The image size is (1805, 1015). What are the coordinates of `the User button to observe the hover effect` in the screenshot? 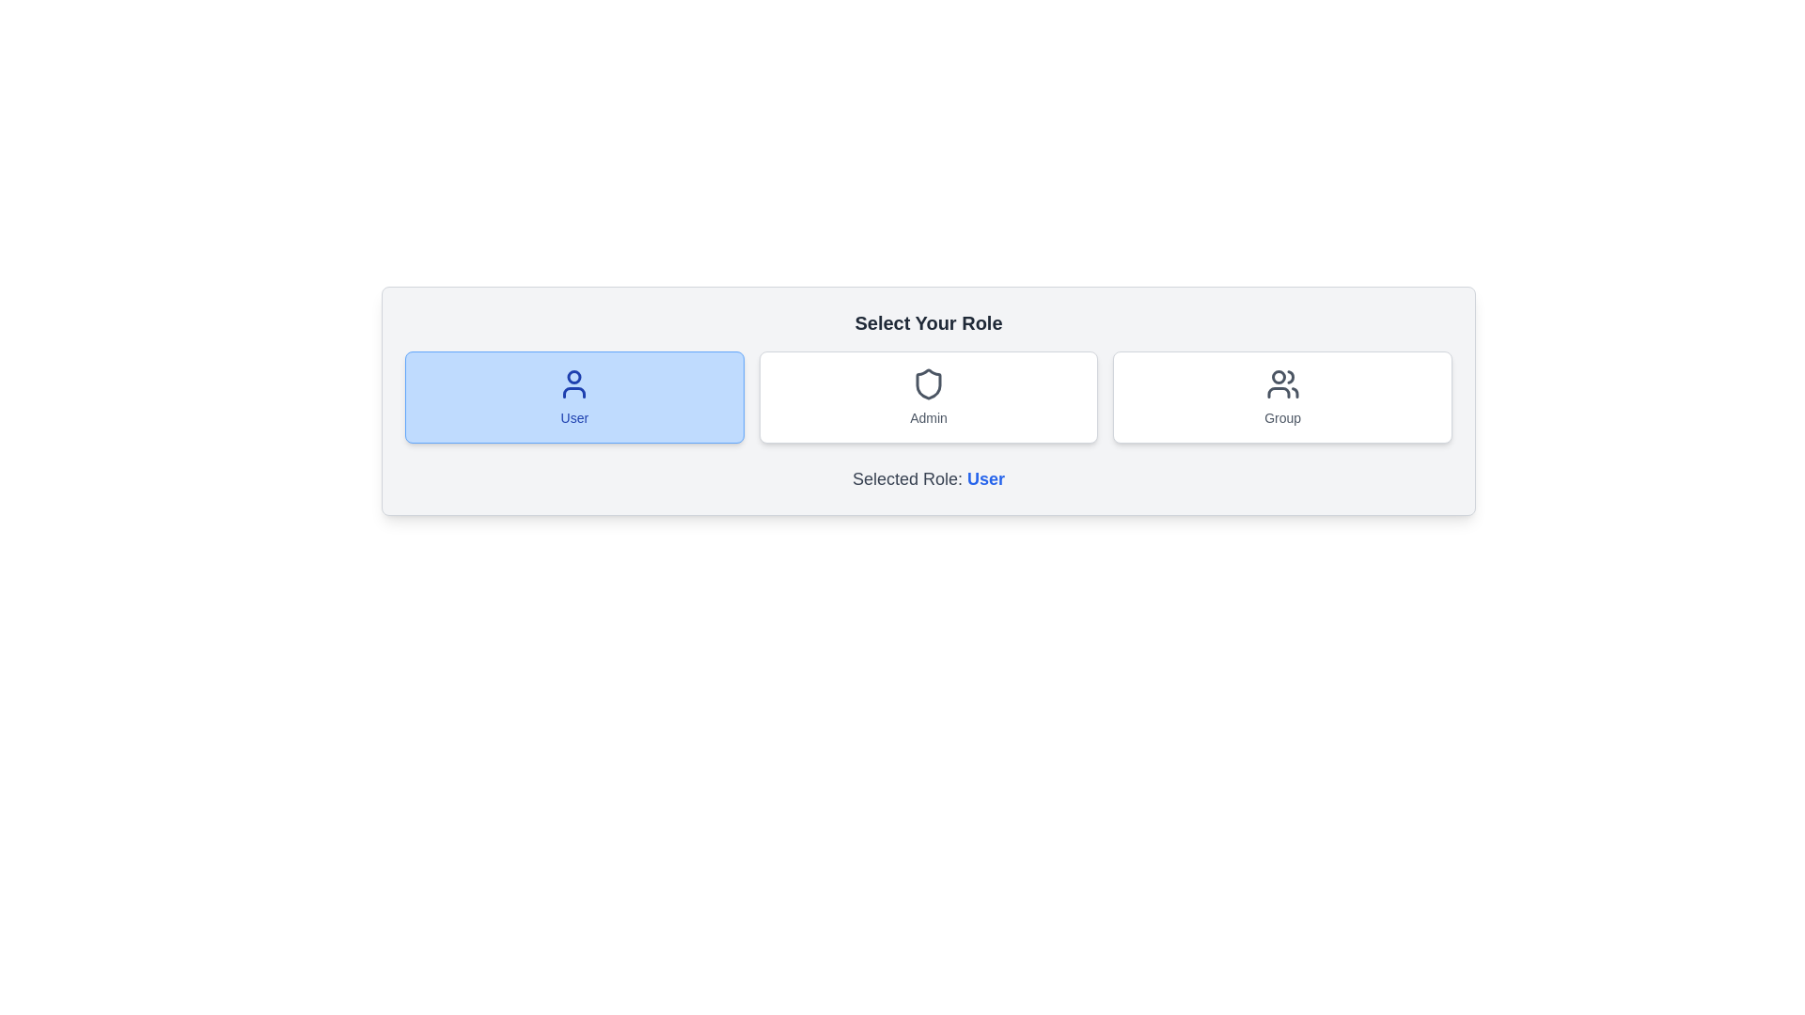 It's located at (573, 397).